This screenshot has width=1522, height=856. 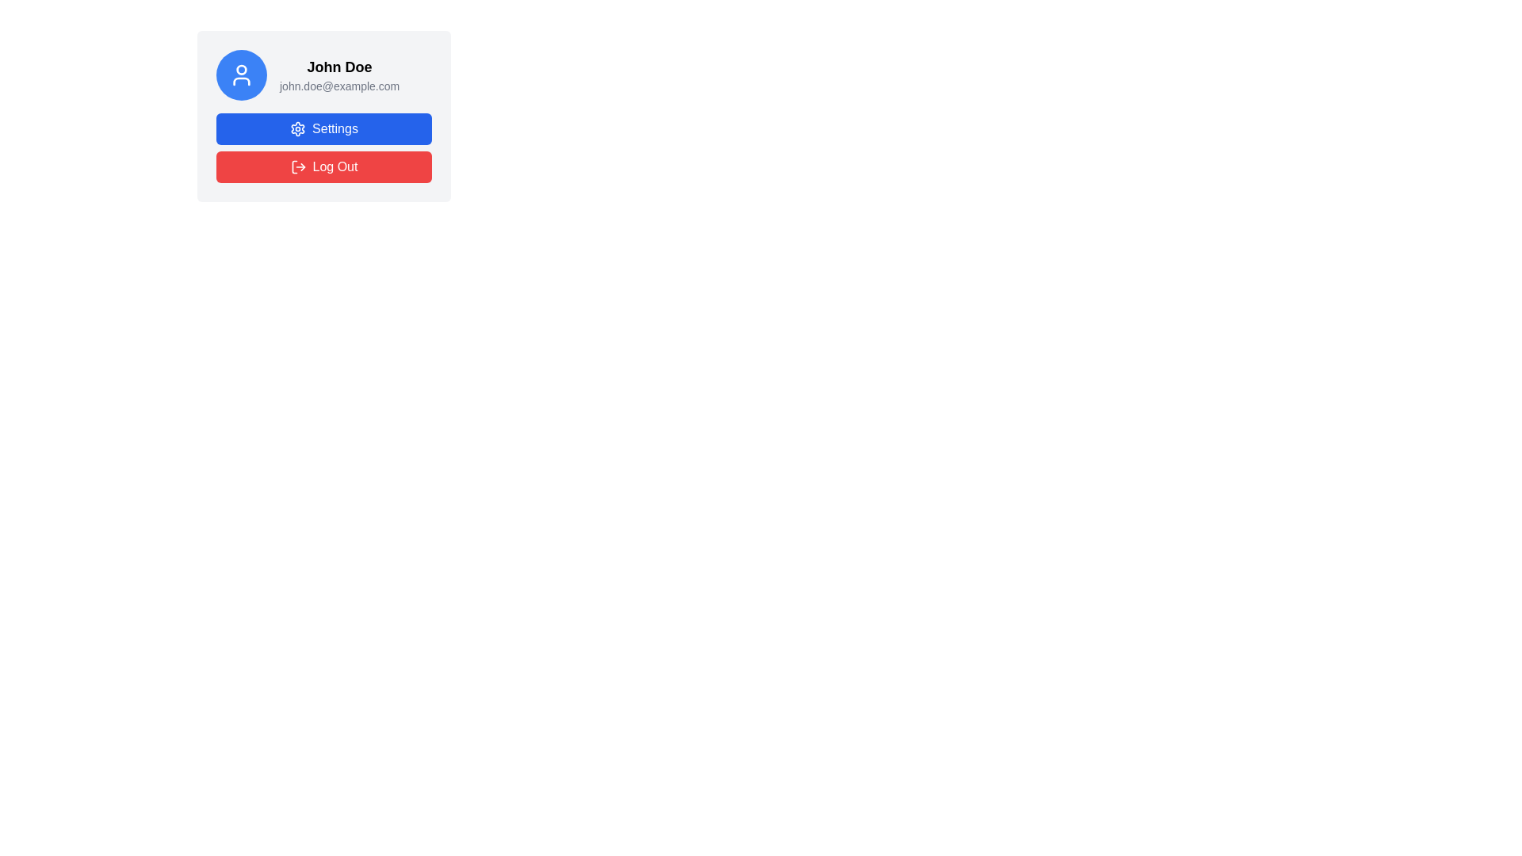 What do you see at coordinates (298, 167) in the screenshot?
I see `the logout icon located to the left of the 'Log Out' text within the 'Log Out' button, which is the second button below the 'Settings' button` at bounding box center [298, 167].